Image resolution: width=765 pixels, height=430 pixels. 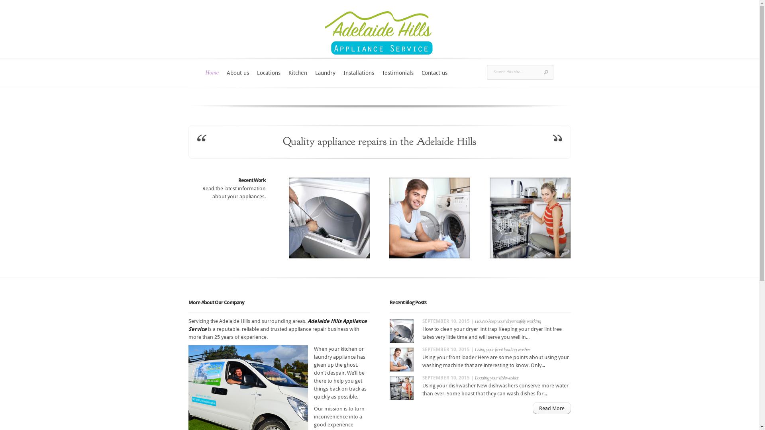 I want to click on 'Contact us', so click(x=434, y=78).